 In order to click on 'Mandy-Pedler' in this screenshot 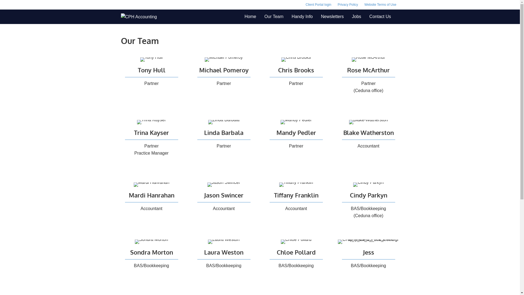, I will do `click(296, 122)`.